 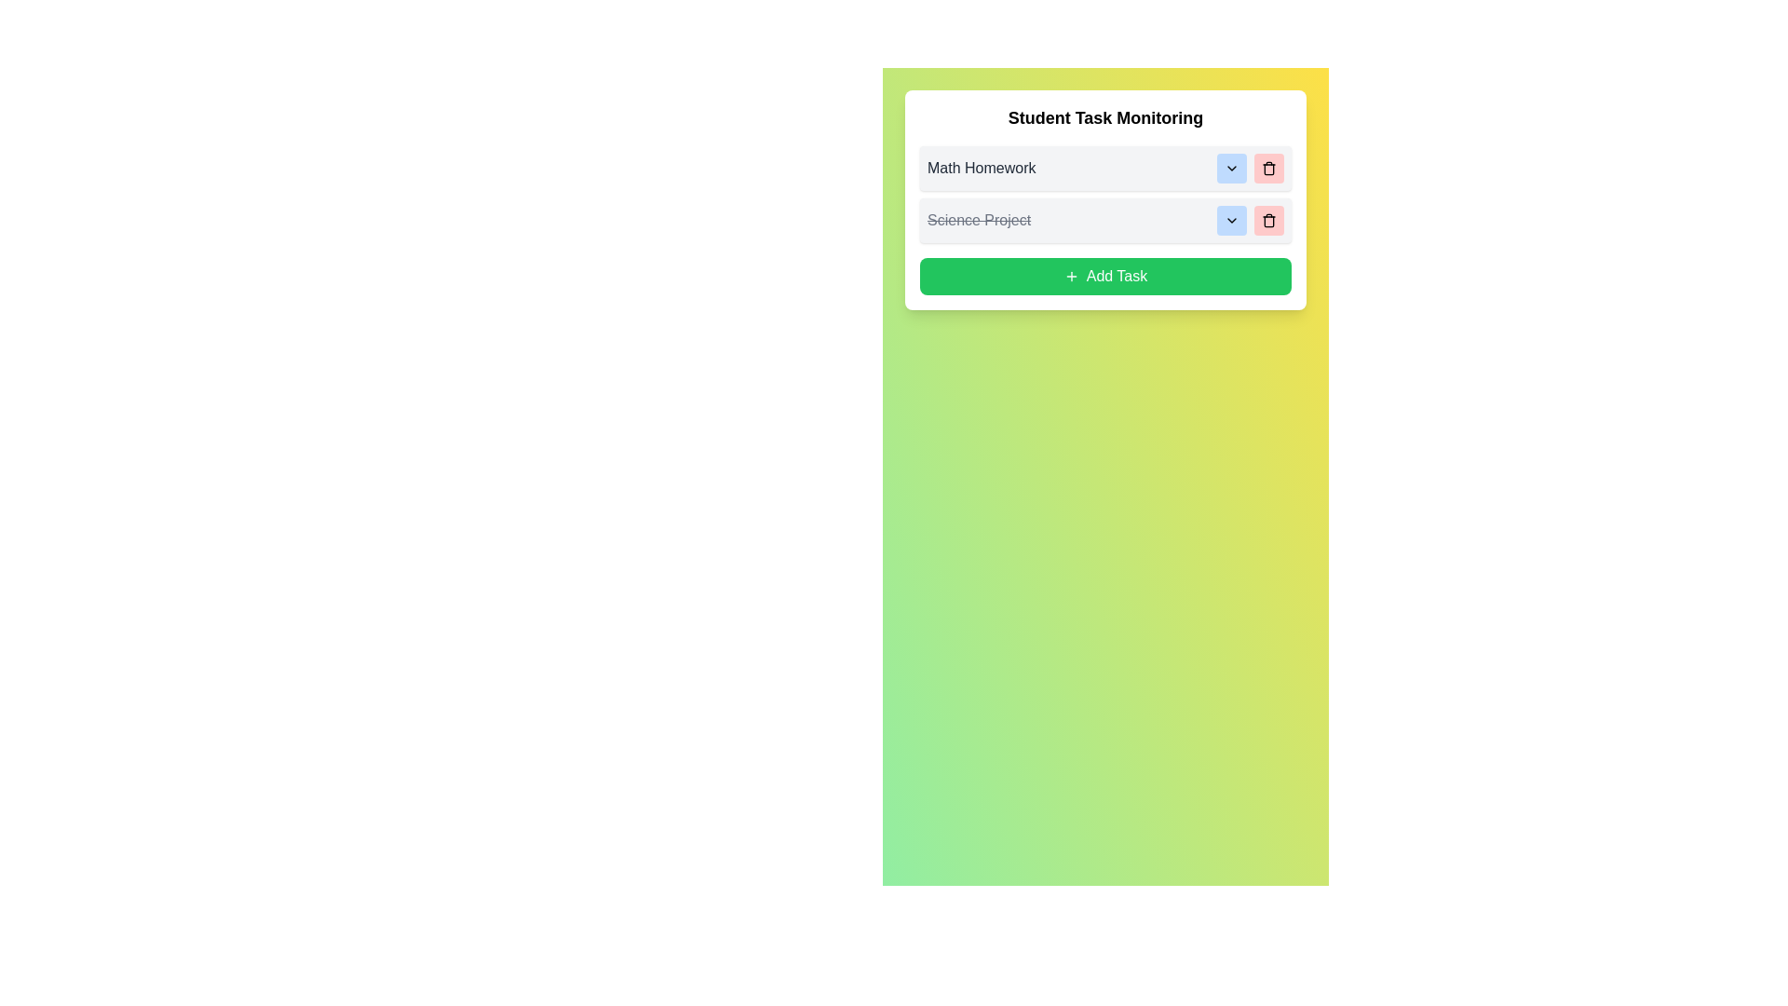 I want to click on the toggle button located on the right side of the 'Science Project' label in the second row of the task list, so click(x=1232, y=219).